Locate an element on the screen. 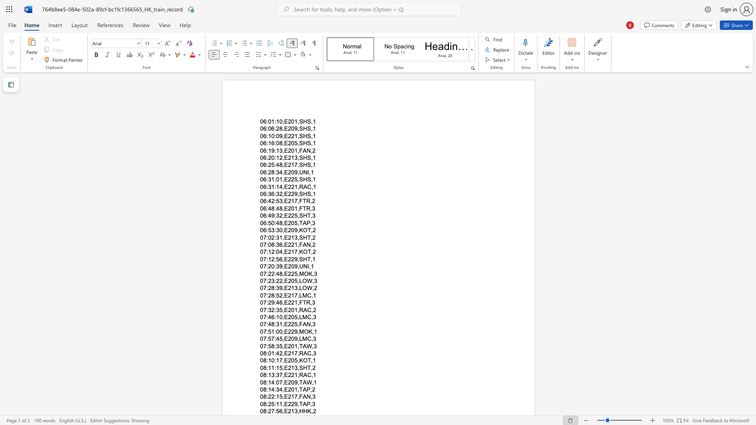  the space between the continuous character "0" and "6" in the text is located at coordinates (263, 179).